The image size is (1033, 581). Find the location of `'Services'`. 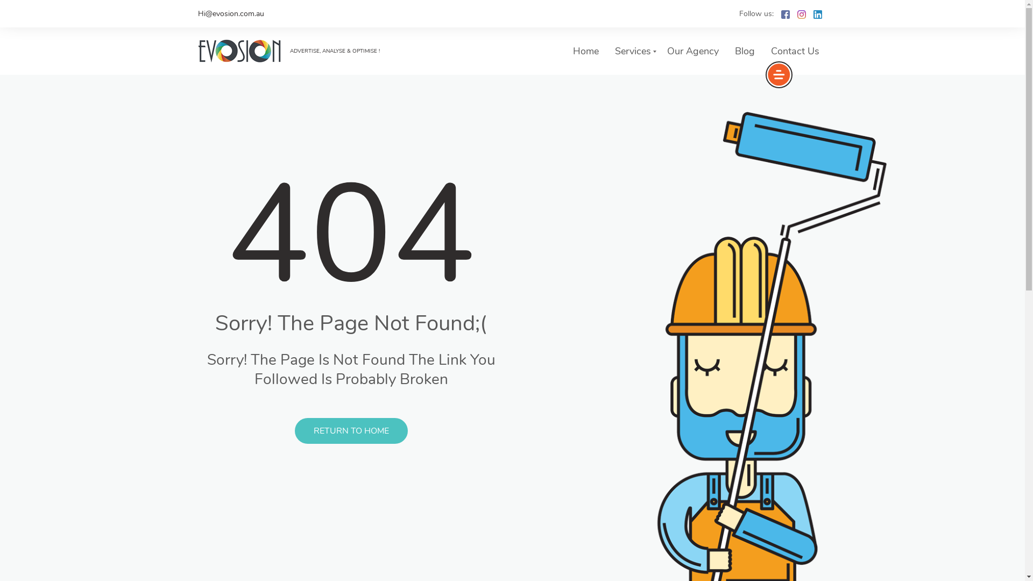

'Services' is located at coordinates (632, 51).